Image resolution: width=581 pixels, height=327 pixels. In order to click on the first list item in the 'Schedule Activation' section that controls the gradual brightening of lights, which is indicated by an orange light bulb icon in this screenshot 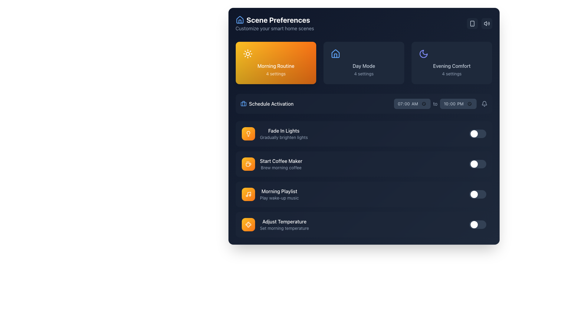, I will do `click(283, 134)`.